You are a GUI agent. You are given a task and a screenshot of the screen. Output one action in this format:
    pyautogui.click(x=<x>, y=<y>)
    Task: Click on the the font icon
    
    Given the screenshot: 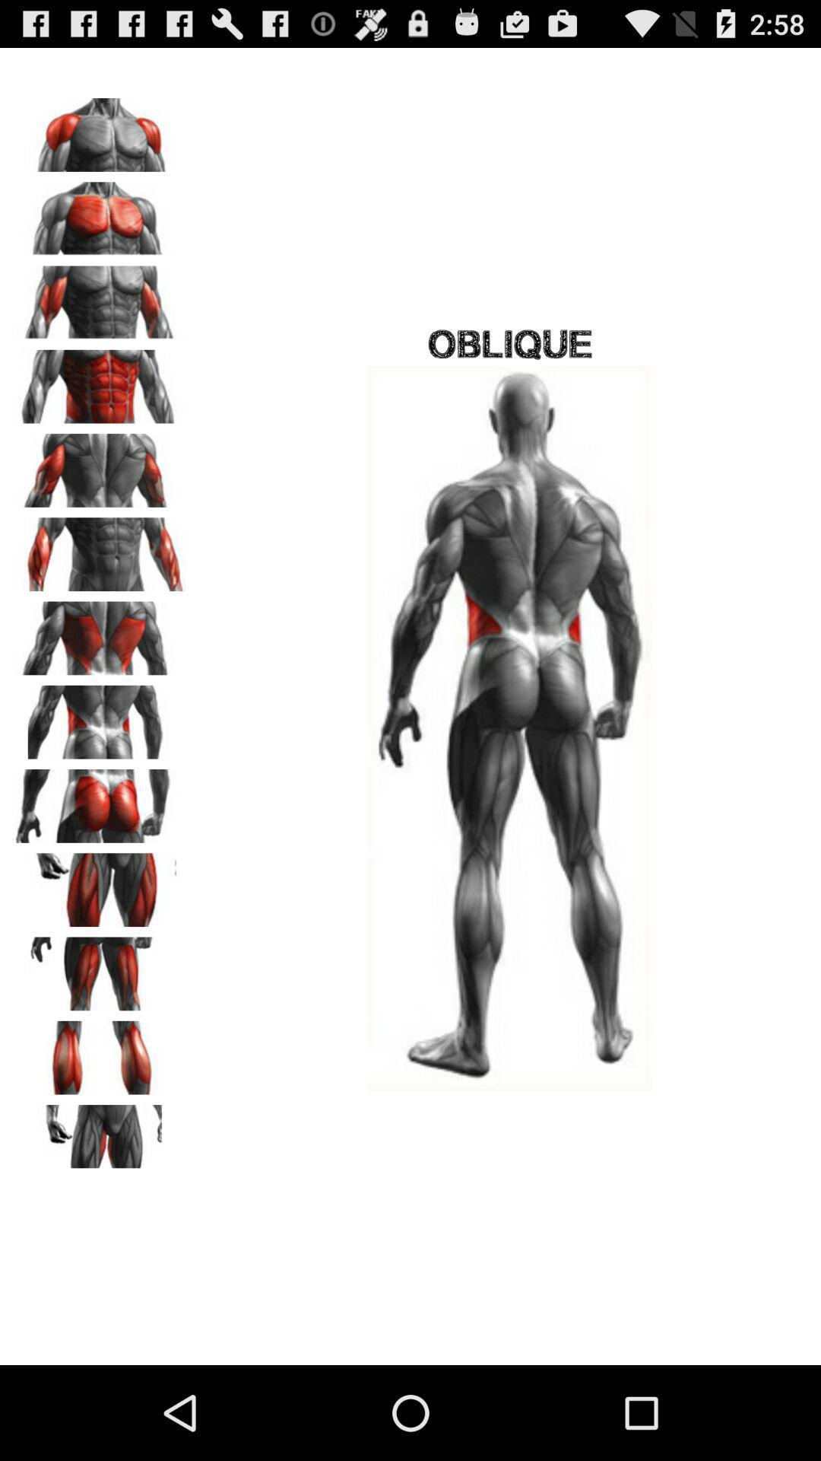 What is the action you would take?
    pyautogui.click(x=100, y=1036)
    